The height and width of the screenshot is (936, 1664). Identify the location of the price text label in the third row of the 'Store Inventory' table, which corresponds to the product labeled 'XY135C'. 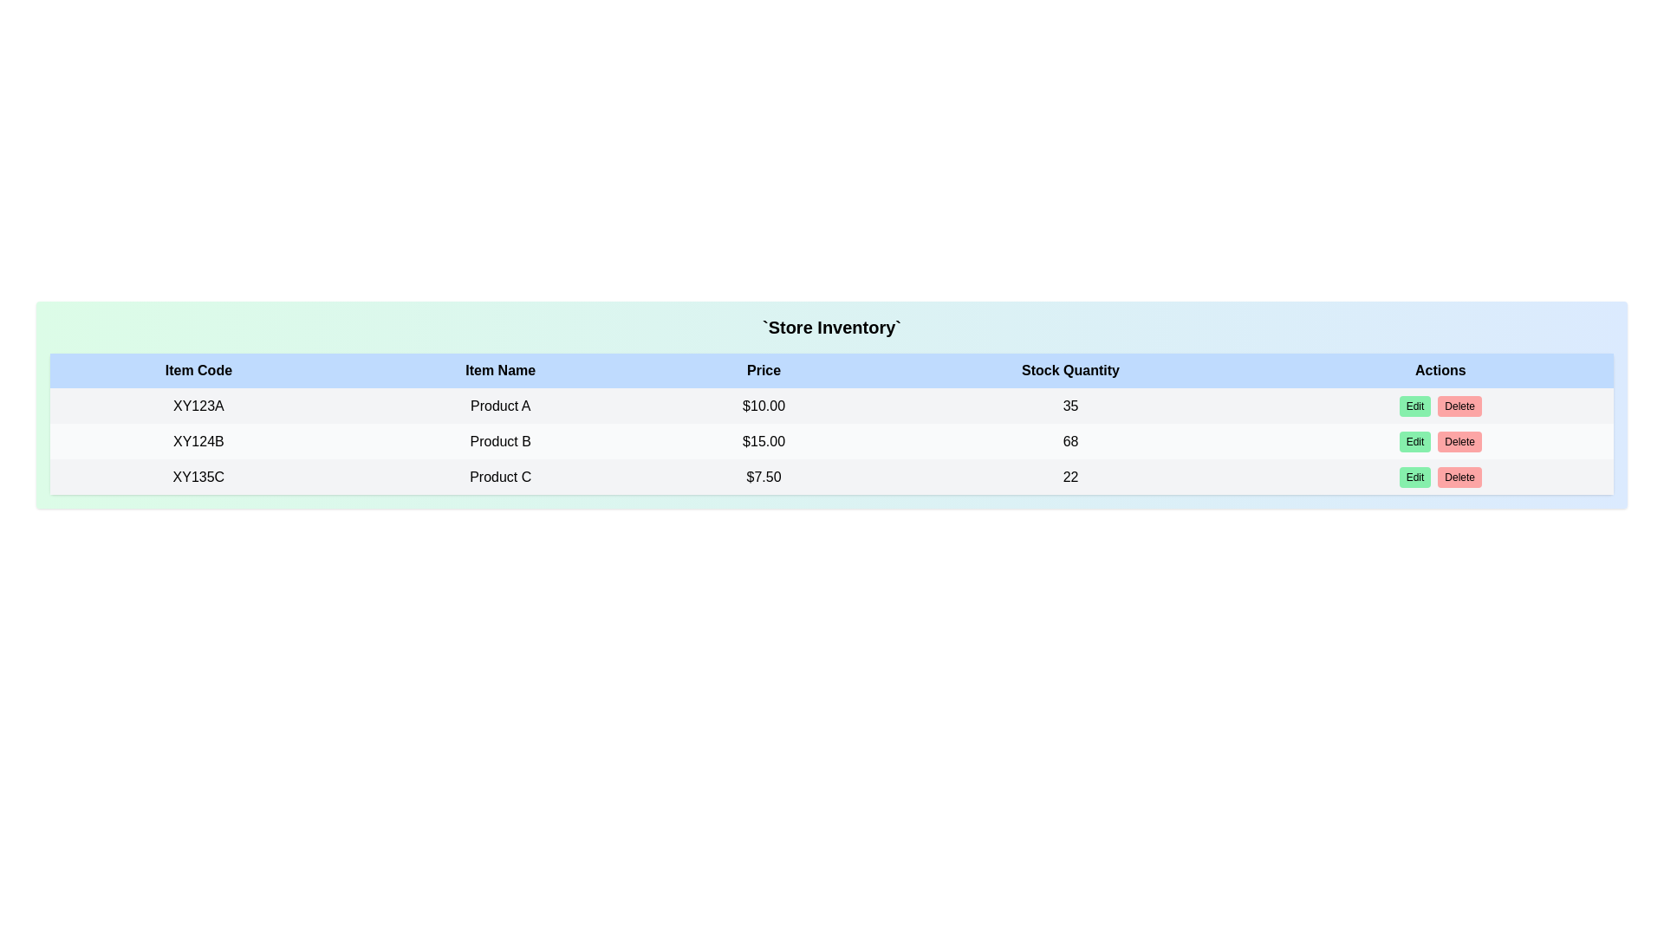
(763, 477).